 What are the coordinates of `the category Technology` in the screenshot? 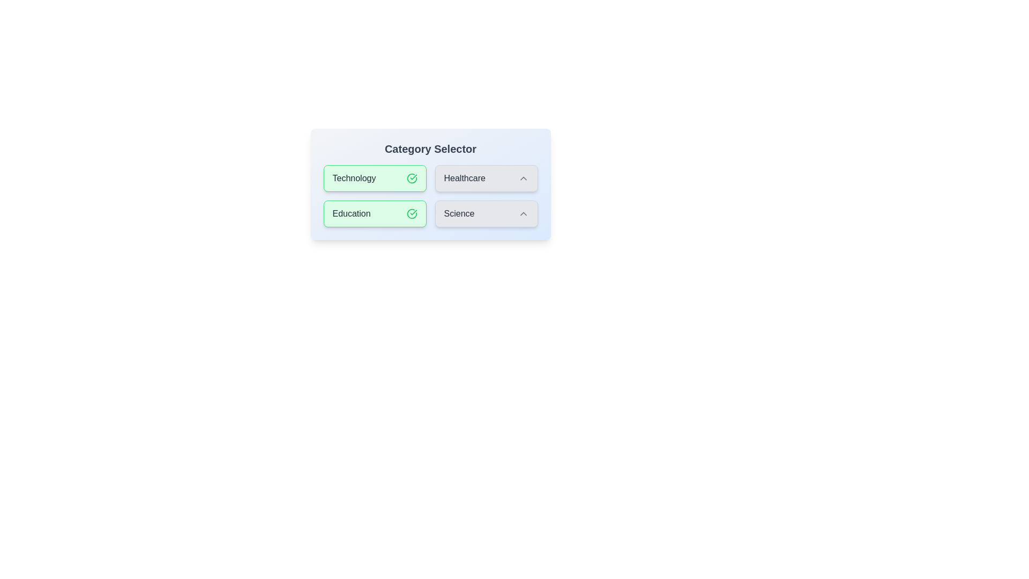 It's located at (375, 177).